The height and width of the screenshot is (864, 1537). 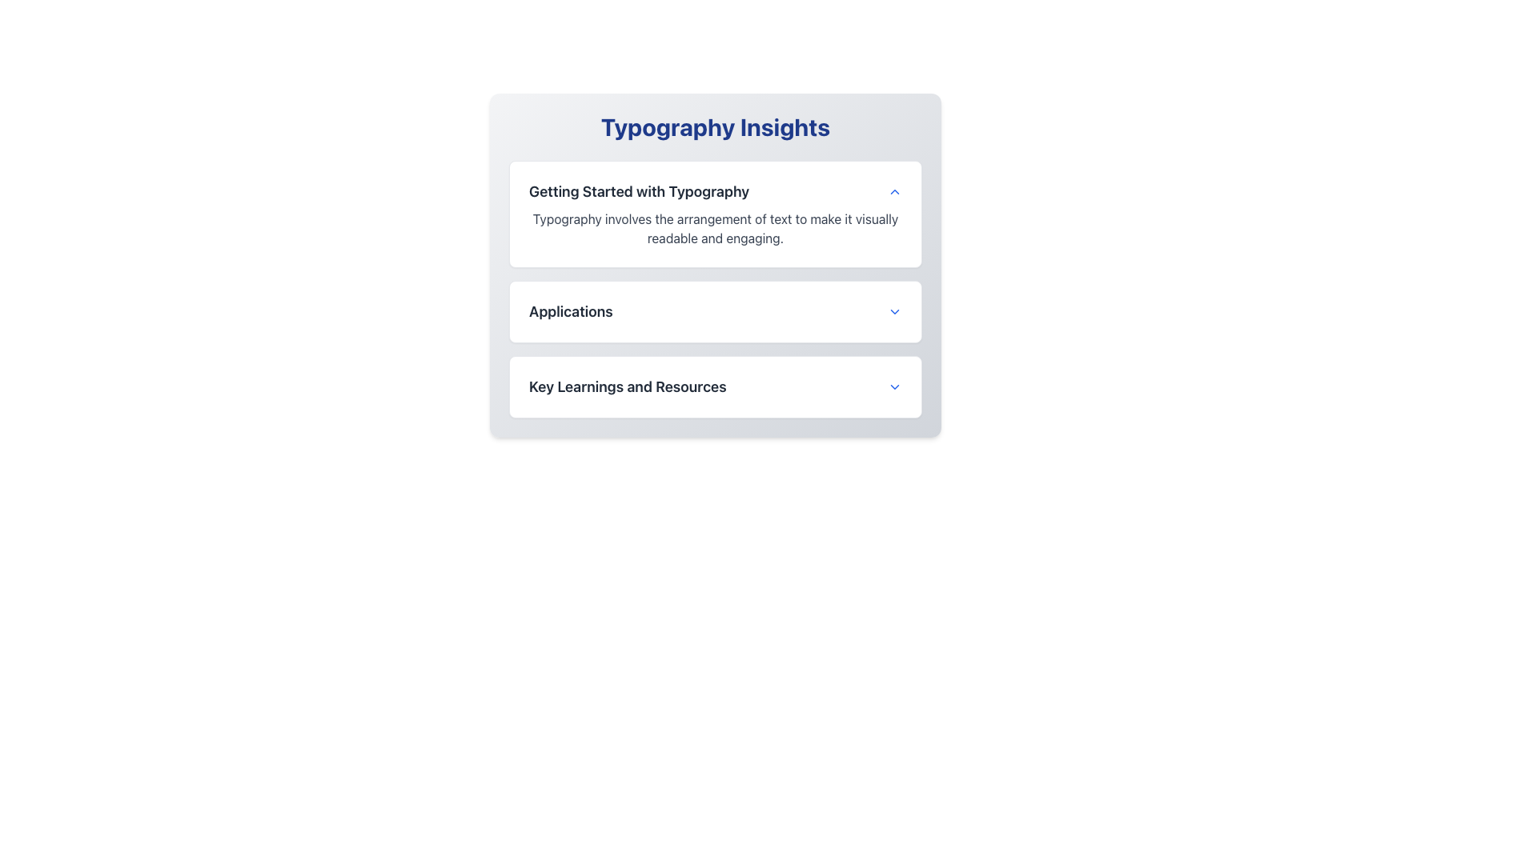 What do you see at coordinates (571, 311) in the screenshot?
I see `the 'Applications' text label, which is displayed in bold dark grey and serves as a heading in the interface` at bounding box center [571, 311].